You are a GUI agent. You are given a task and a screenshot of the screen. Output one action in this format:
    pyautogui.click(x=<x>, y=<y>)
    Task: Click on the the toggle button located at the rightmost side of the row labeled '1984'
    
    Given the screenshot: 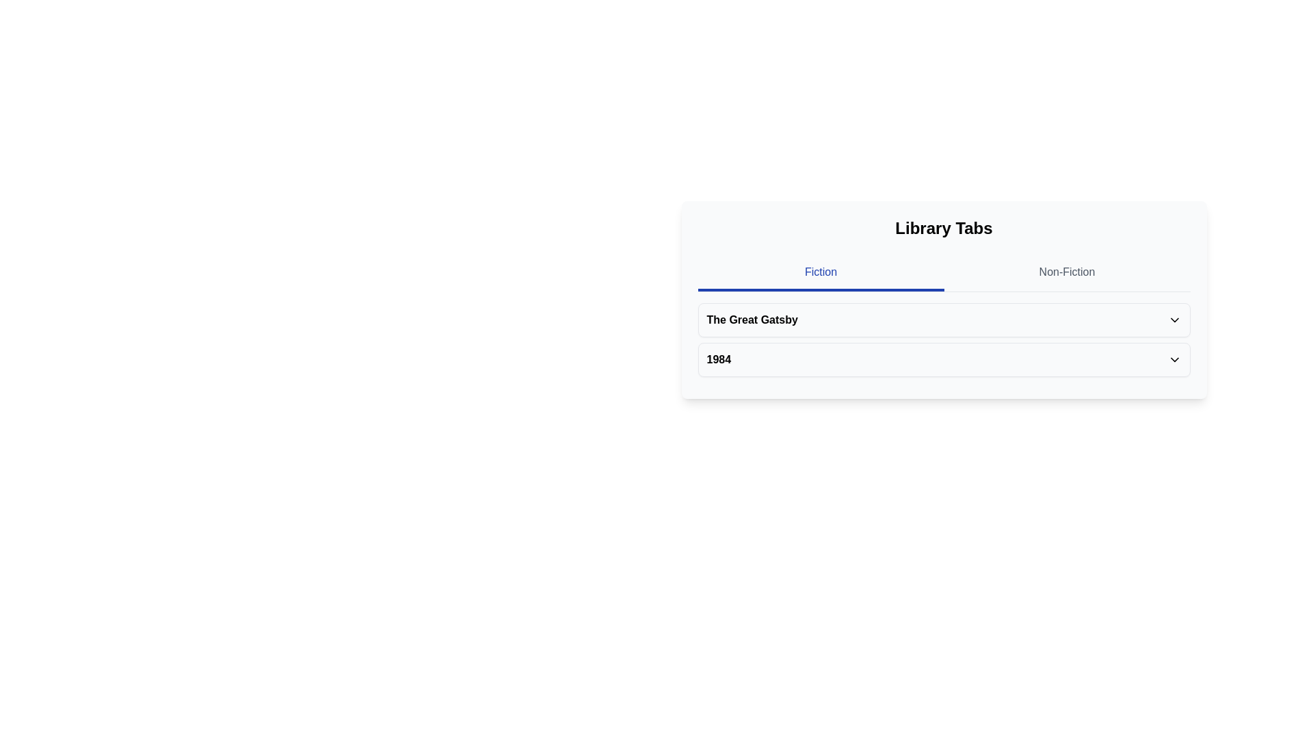 What is the action you would take?
    pyautogui.click(x=1173, y=359)
    